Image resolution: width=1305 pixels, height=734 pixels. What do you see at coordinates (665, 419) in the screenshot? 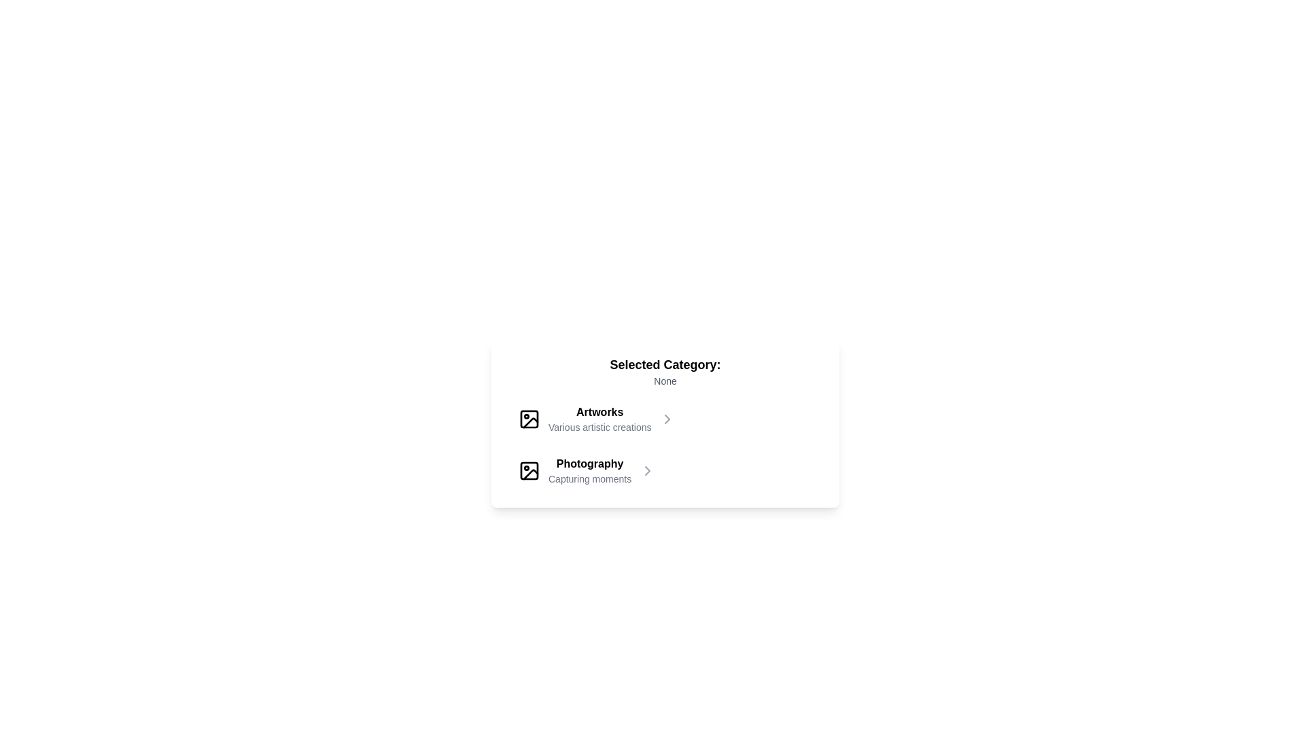
I see `the first menu option in the list labeled 'Artworks'` at bounding box center [665, 419].